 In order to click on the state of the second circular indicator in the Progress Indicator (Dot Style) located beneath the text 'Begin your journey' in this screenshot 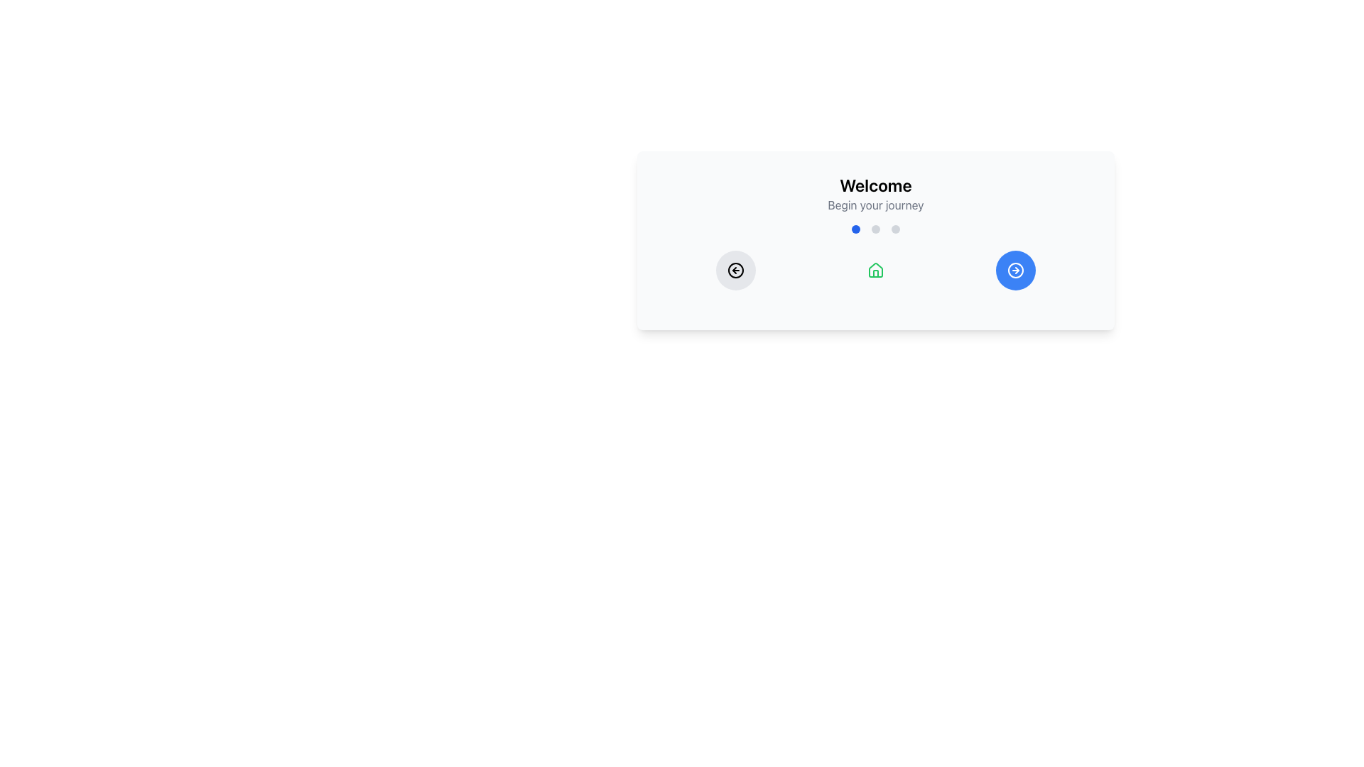, I will do `click(875, 229)`.